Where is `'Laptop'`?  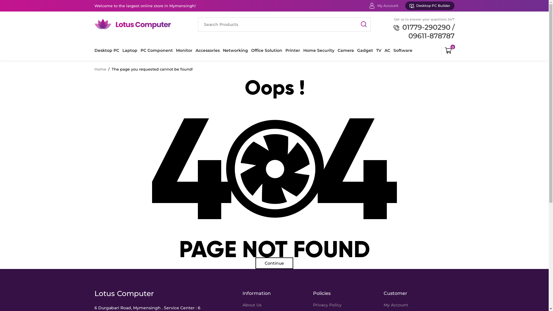 'Laptop' is located at coordinates (129, 50).